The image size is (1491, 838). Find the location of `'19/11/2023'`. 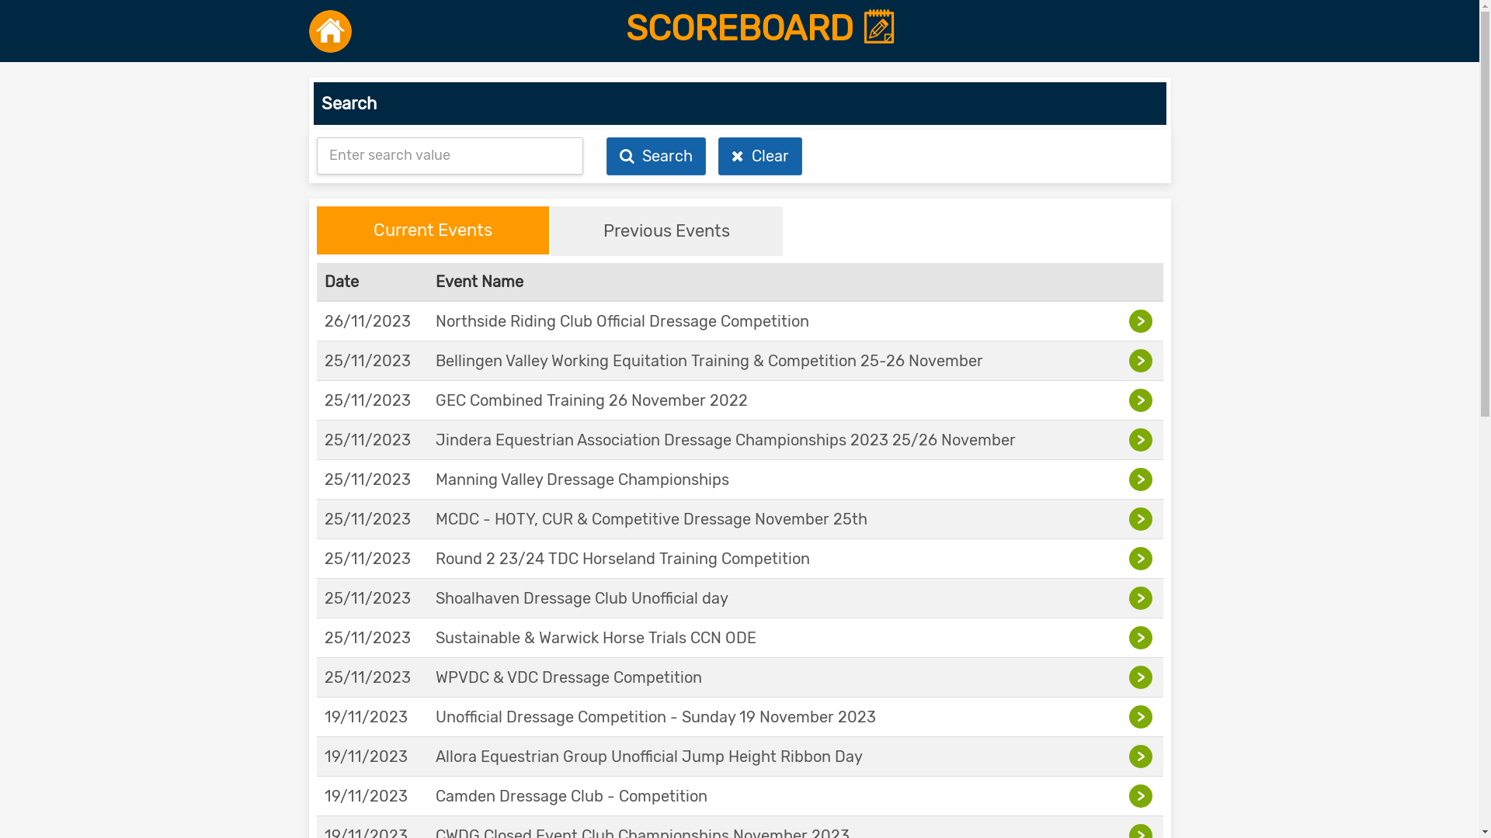

'19/11/2023' is located at coordinates (365, 717).